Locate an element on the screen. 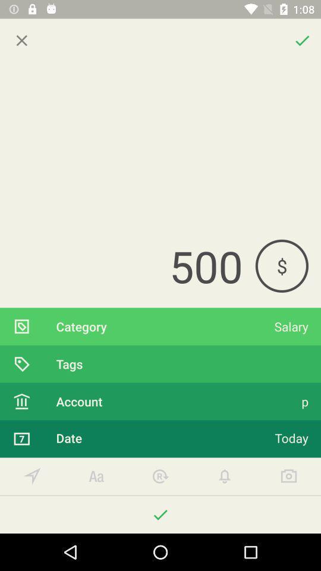 This screenshot has height=571, width=321. your option is located at coordinates (32, 476).